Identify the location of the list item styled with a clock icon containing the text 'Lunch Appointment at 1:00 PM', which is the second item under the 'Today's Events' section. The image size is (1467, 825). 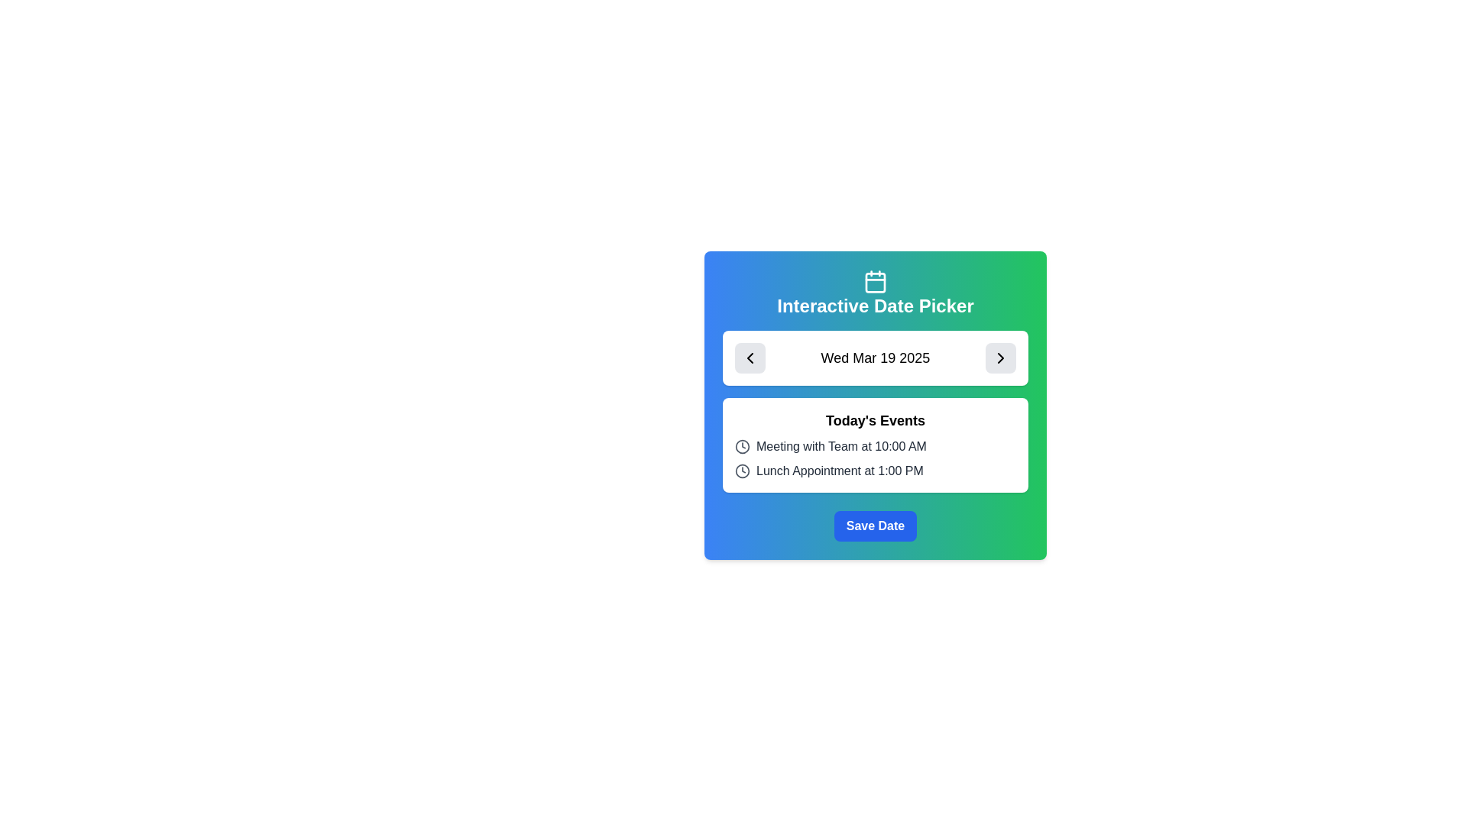
(876, 471).